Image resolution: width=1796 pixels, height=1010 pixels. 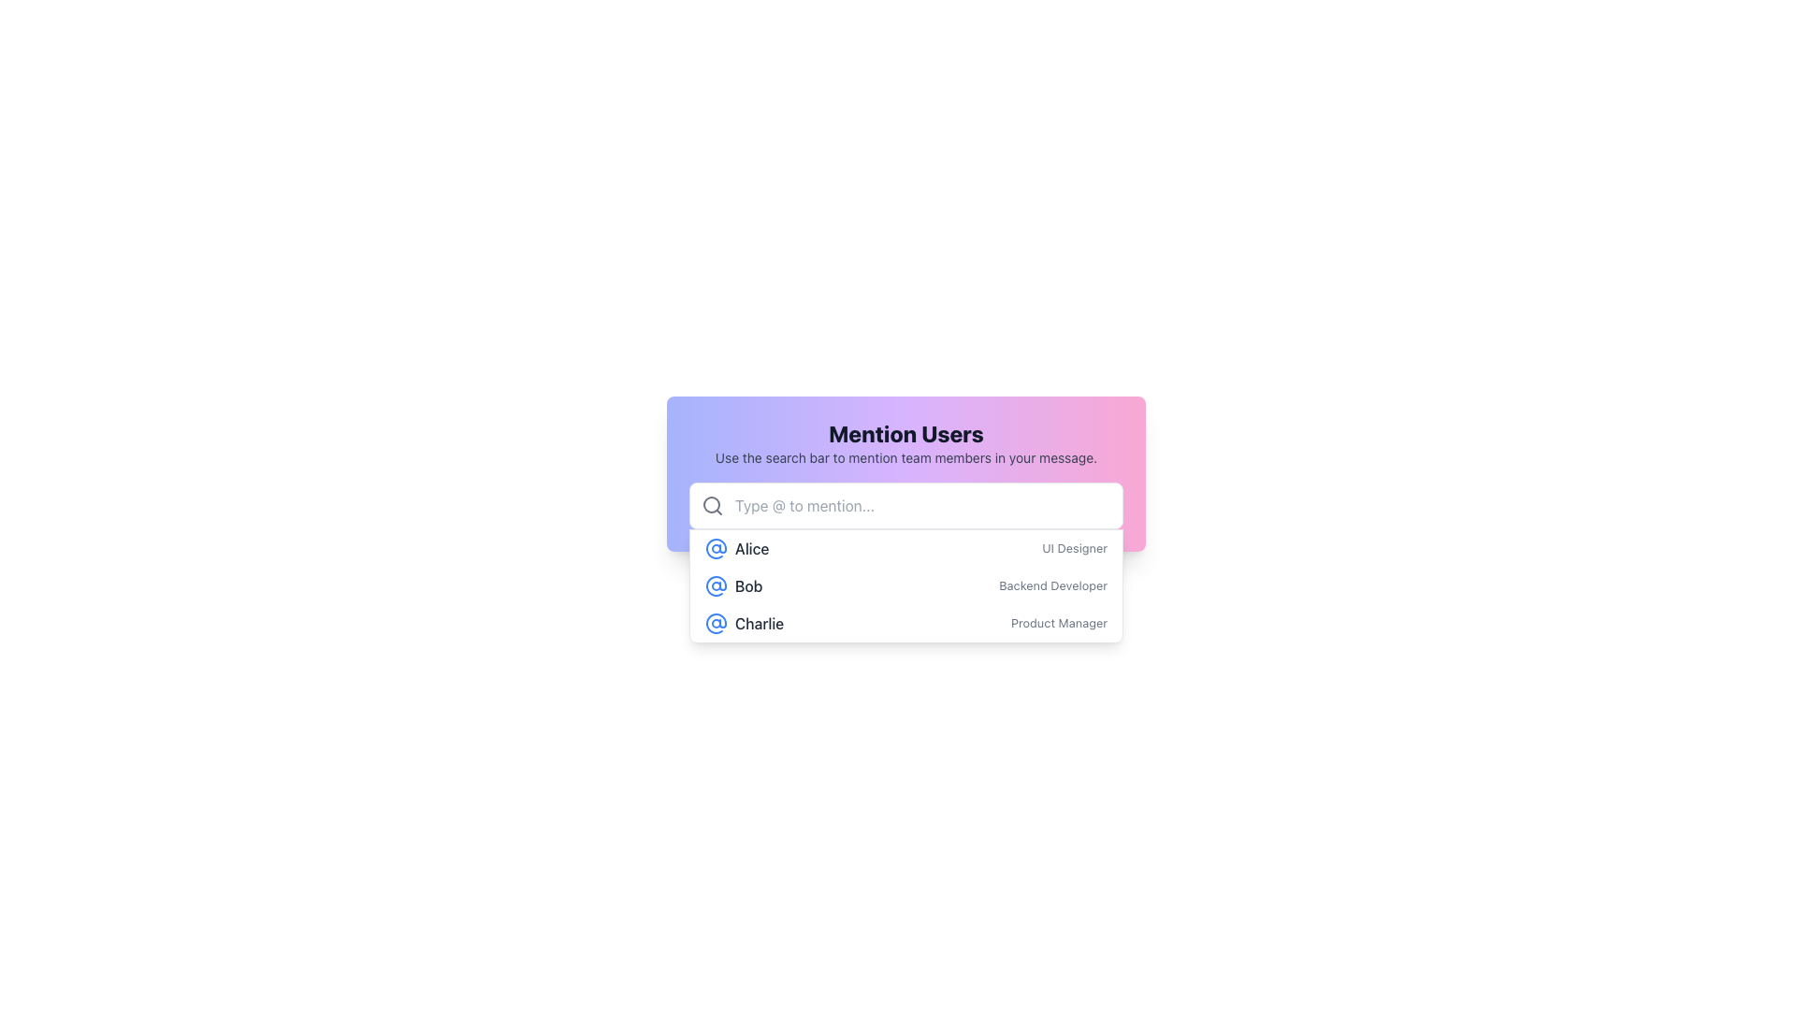 I want to click on the first list item in the dropdown that represents the user 'Alice' who is a 'UI Designer' to trigger hover-specific effects, so click(x=906, y=547).